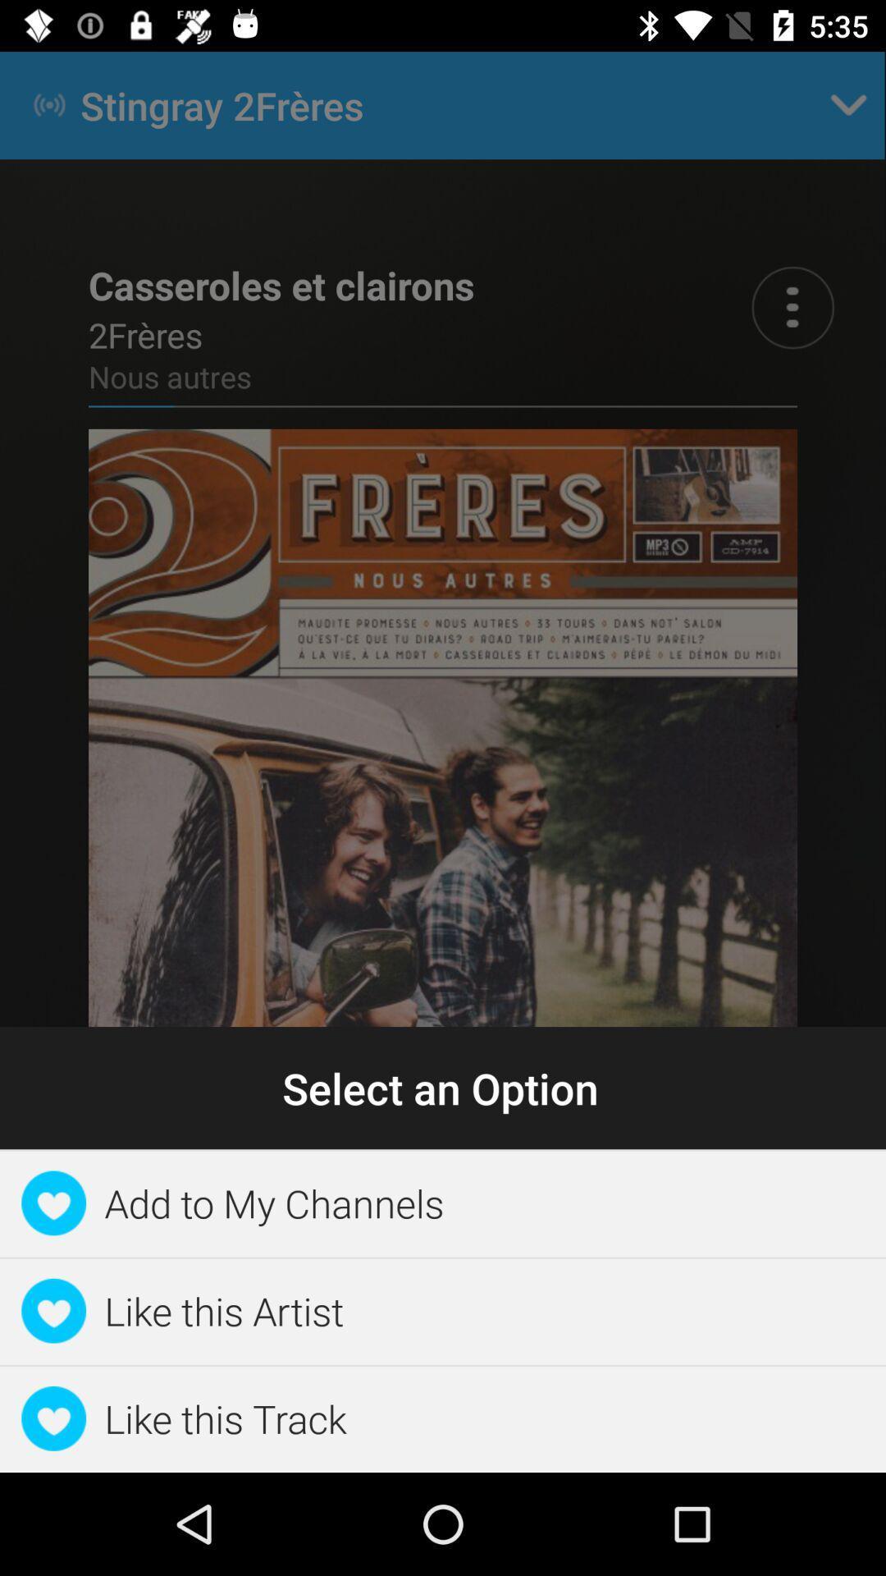 The height and width of the screenshot is (1576, 886). Describe the element at coordinates (792, 307) in the screenshot. I see `the more icon` at that location.